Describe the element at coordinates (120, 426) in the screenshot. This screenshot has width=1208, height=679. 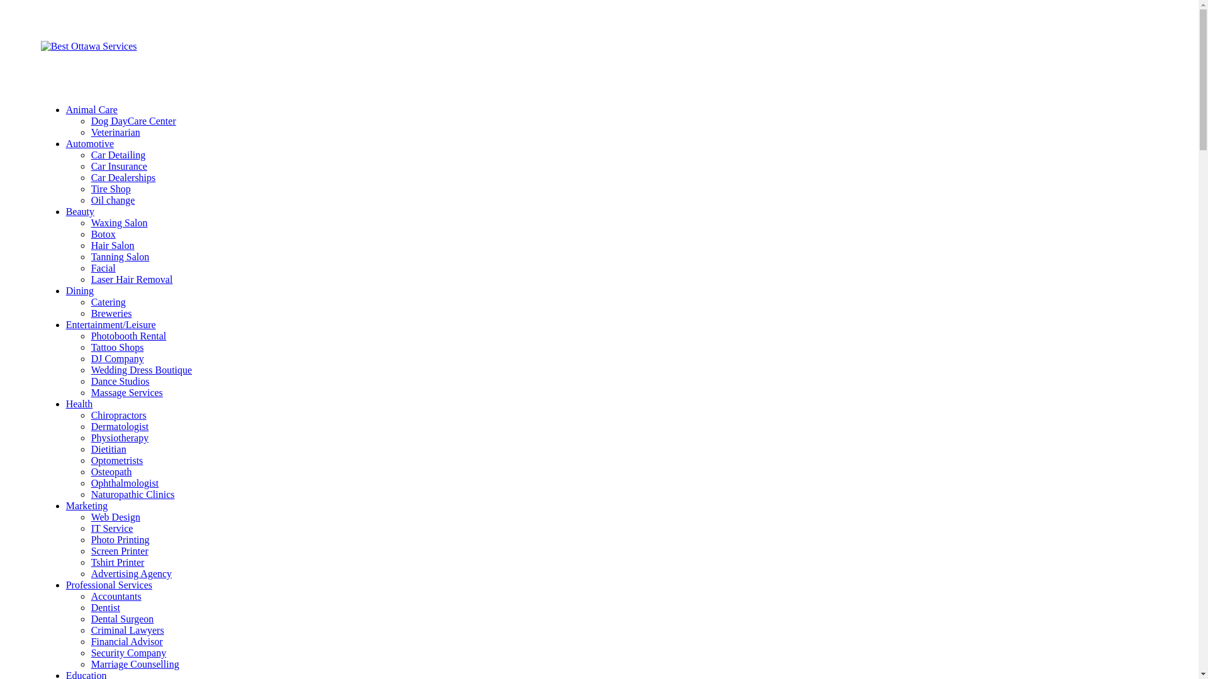
I see `'Dermatologist'` at that location.